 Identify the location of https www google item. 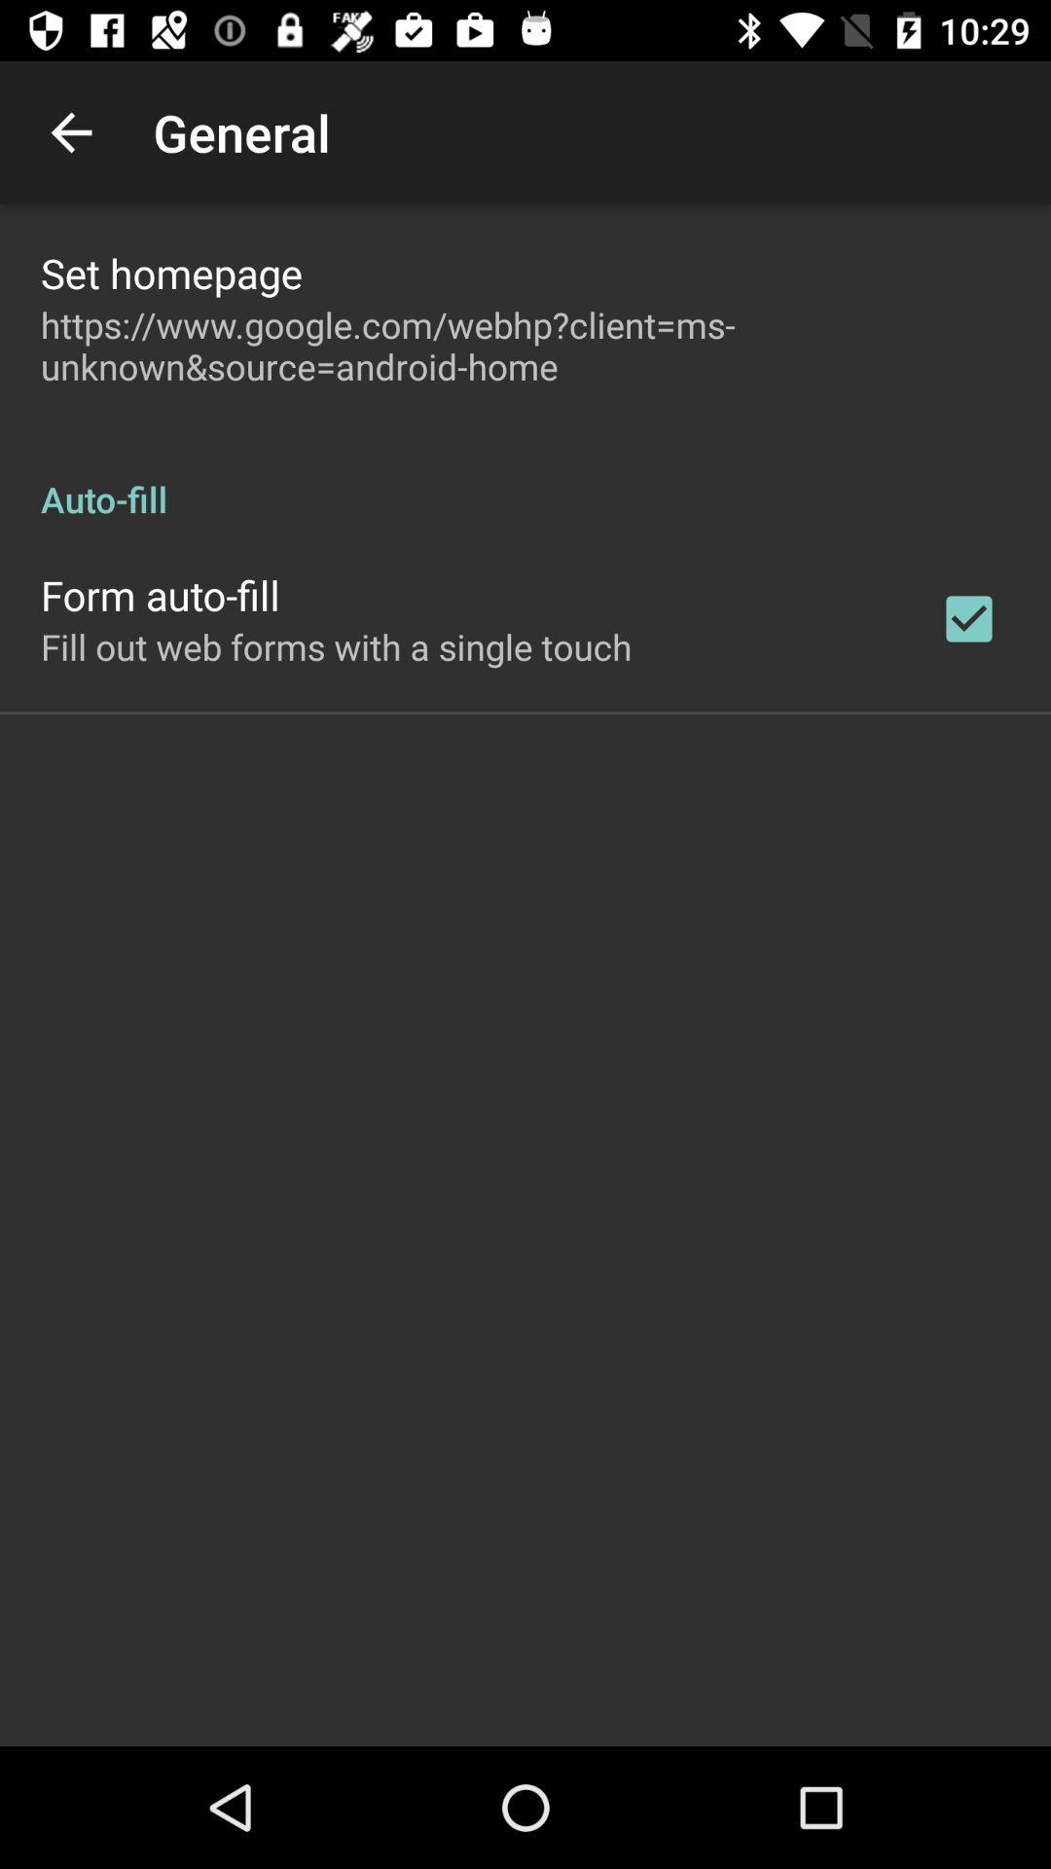
(525, 346).